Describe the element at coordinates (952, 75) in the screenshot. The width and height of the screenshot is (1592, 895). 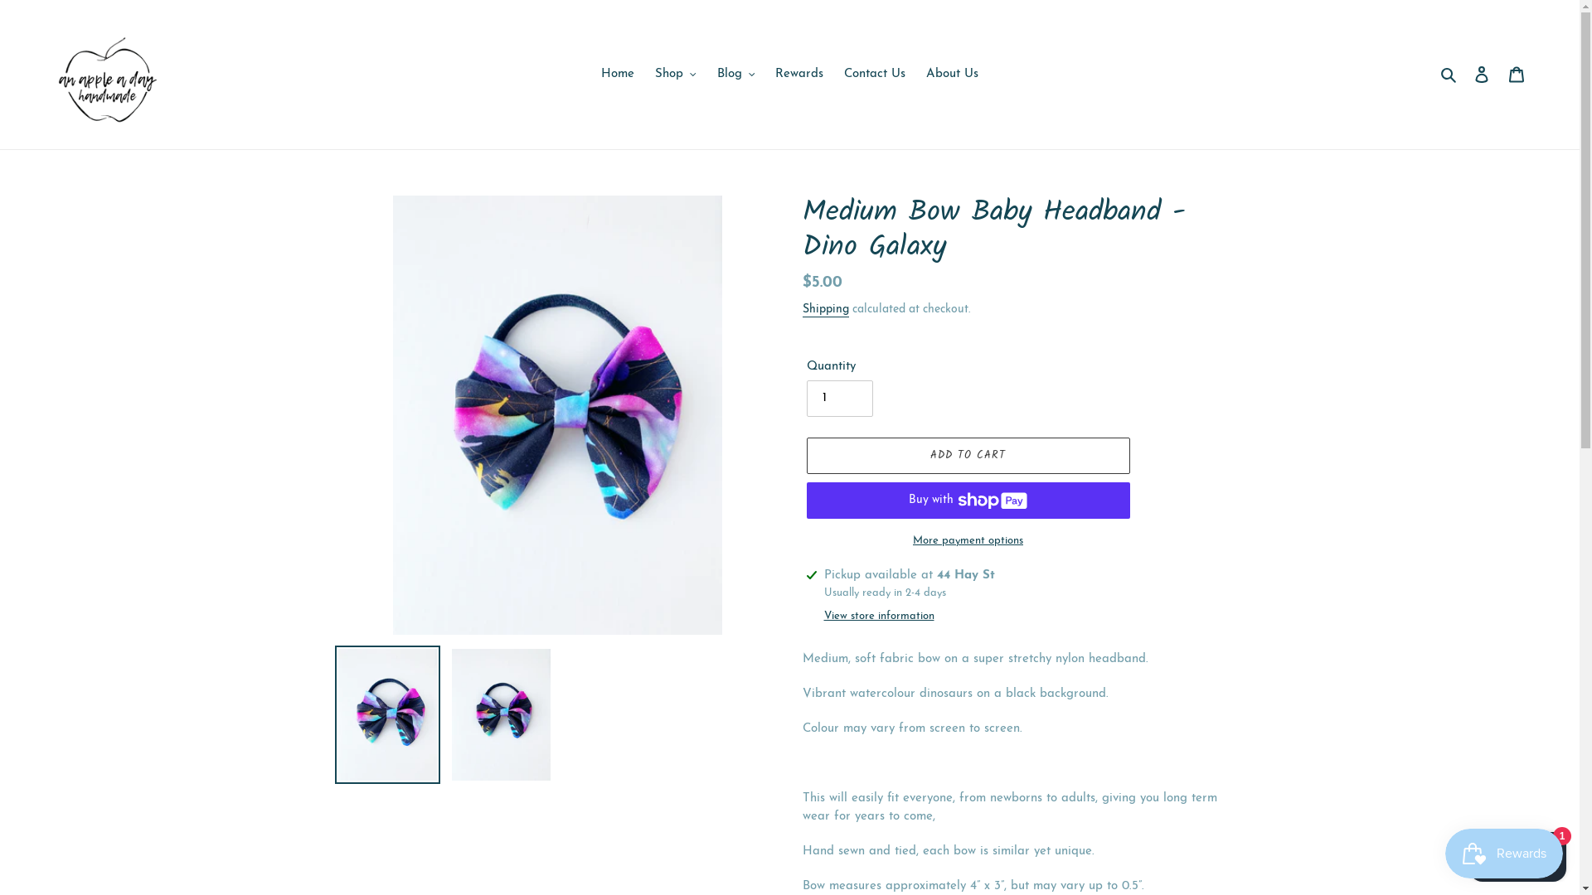
I see `'About Us'` at that location.